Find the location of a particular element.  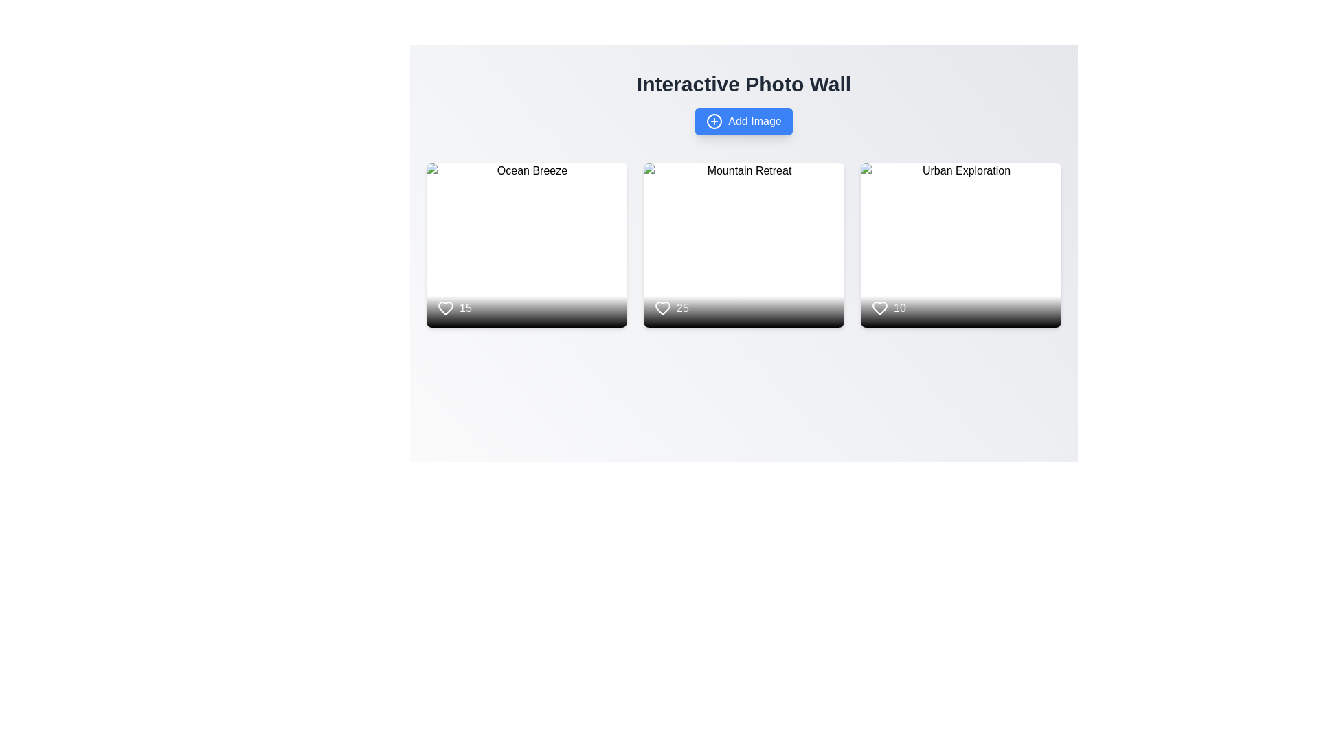

the 'like' icon located in the bottom-right corner of the 'Urban Exploration' panel, next to the numeric label '10' is located at coordinates (880, 307).